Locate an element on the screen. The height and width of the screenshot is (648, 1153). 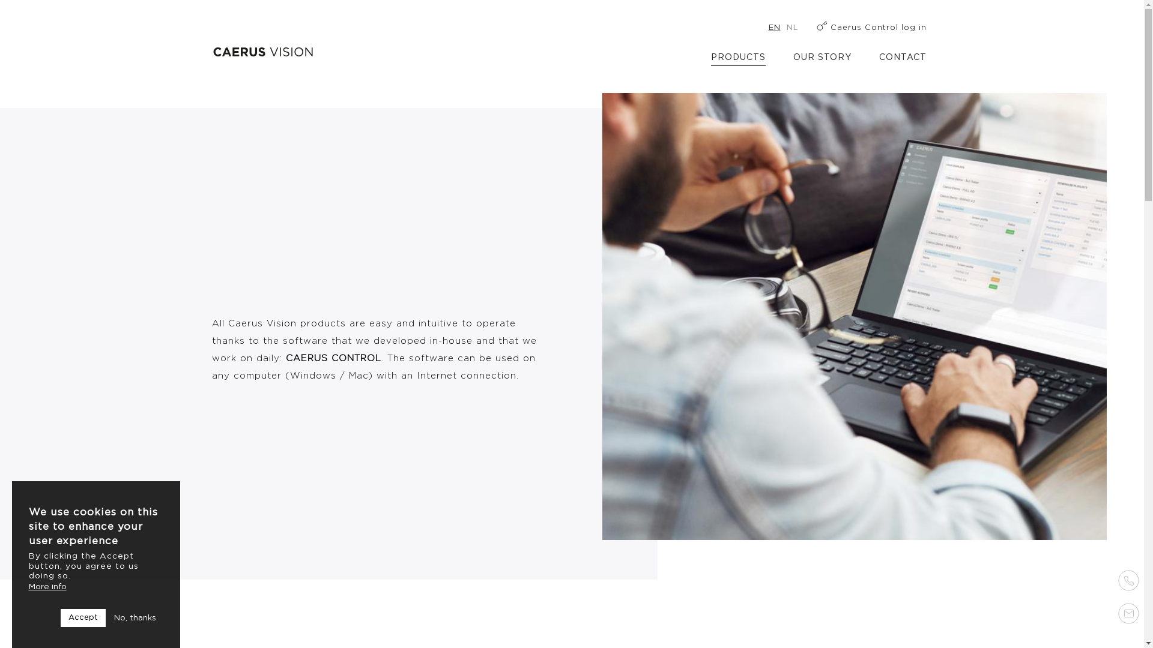
' ' is located at coordinates (1119, 608).